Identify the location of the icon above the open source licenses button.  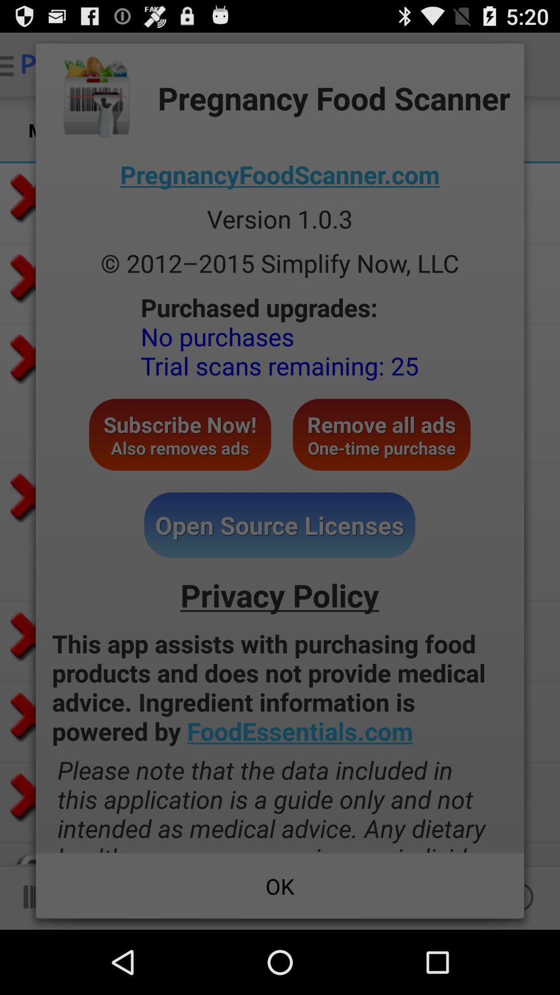
(179, 434).